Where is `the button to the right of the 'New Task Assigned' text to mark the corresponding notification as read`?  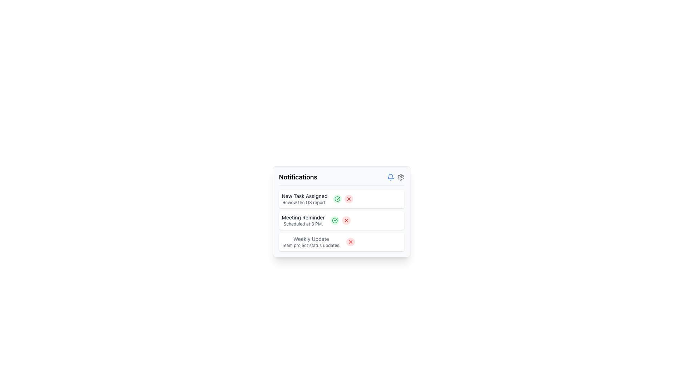
the button to the right of the 'New Task Assigned' text to mark the corresponding notification as read is located at coordinates (337, 199).